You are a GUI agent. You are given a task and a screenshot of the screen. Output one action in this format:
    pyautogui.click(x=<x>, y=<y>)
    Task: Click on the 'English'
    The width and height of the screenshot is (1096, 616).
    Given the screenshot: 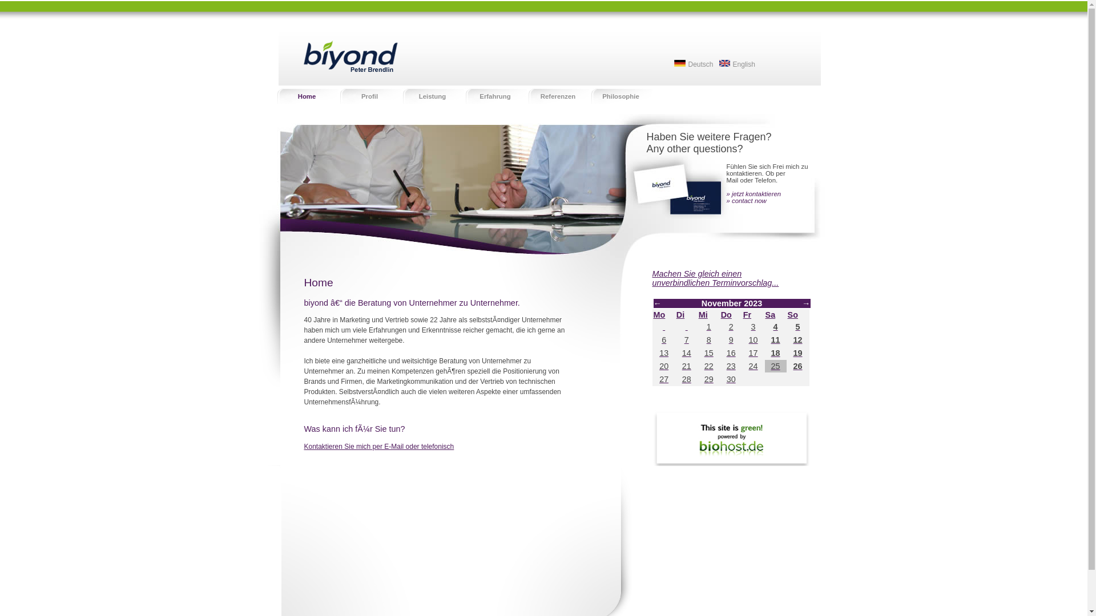 What is the action you would take?
    pyautogui.click(x=737, y=64)
    